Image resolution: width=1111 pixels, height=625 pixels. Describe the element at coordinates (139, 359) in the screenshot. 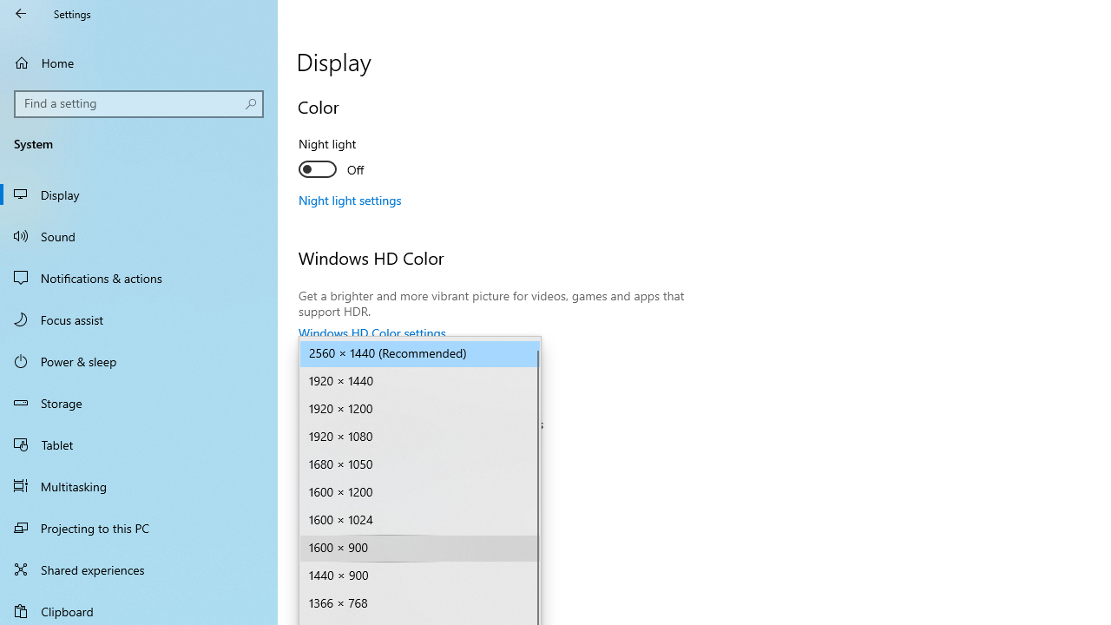

I see `'Power & sleep'` at that location.